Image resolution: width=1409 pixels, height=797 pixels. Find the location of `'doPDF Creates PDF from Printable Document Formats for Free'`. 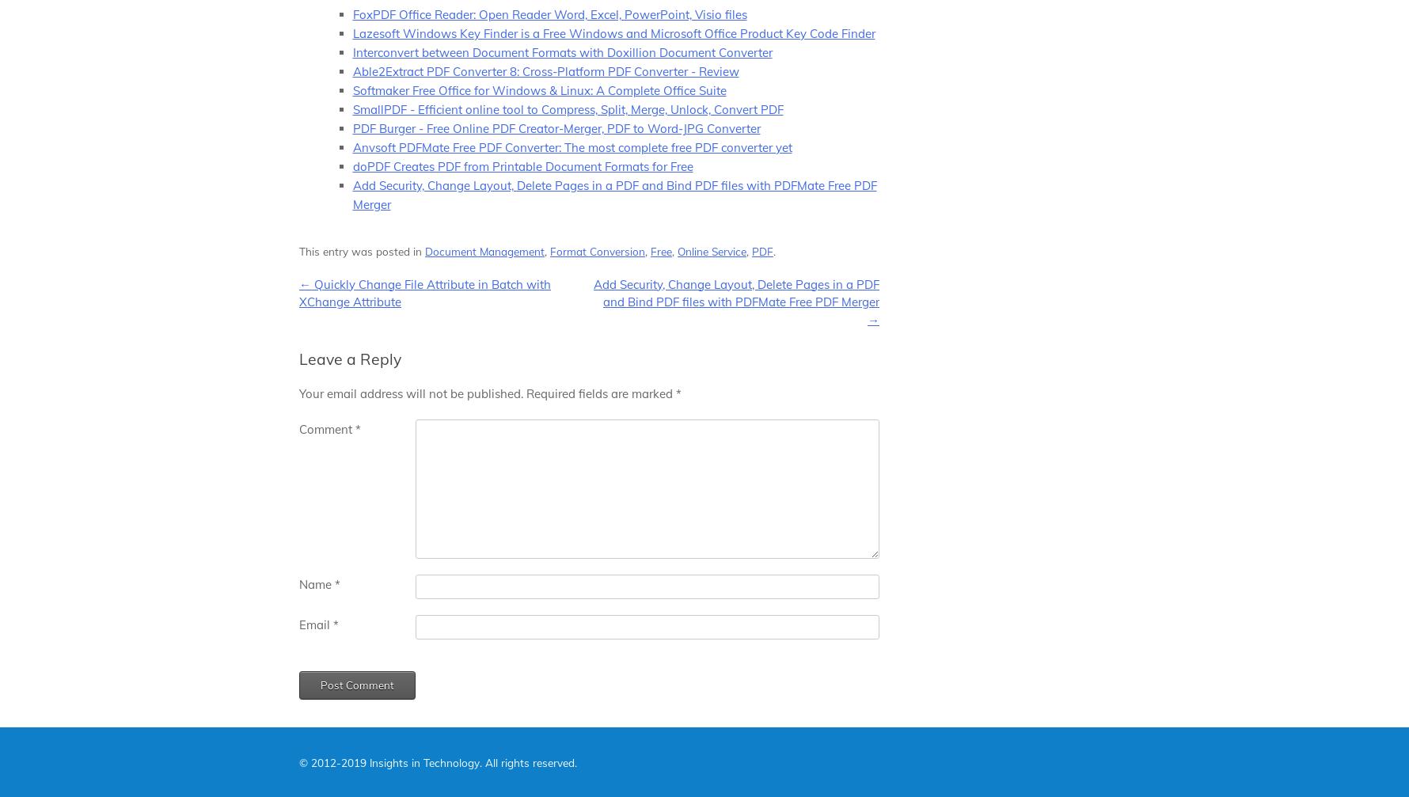

'doPDF Creates PDF from Printable Document Formats for Free' is located at coordinates (352, 165).